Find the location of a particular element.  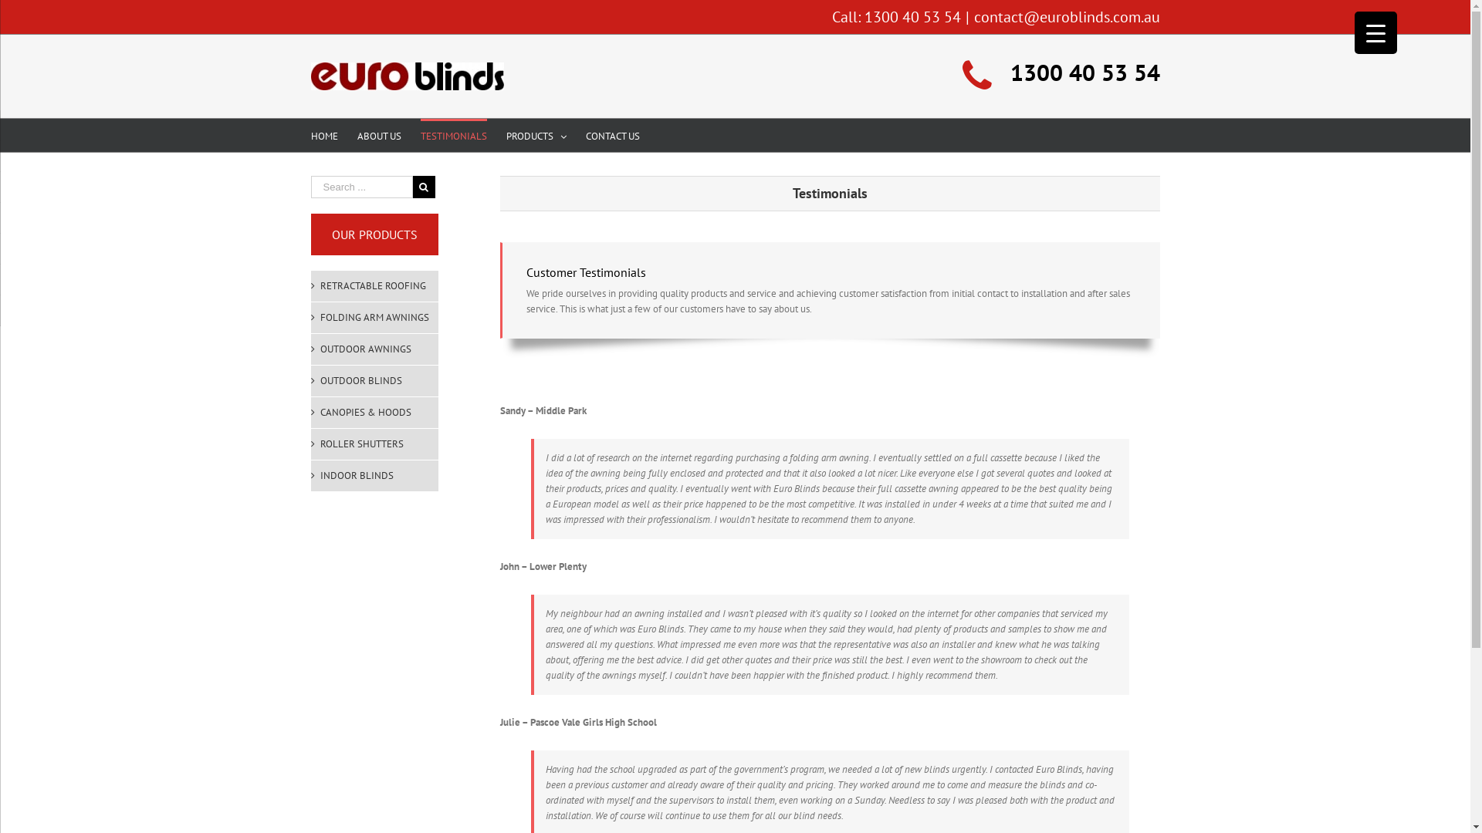

'FOLDING ARM AWNINGS' is located at coordinates (374, 317).